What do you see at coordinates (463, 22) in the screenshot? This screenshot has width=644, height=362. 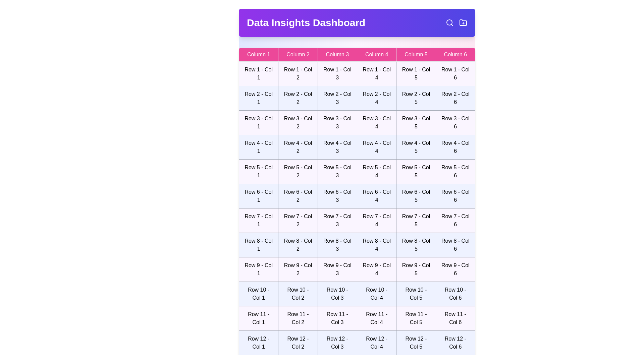 I see `the 'add folder' icon in the header` at bounding box center [463, 22].